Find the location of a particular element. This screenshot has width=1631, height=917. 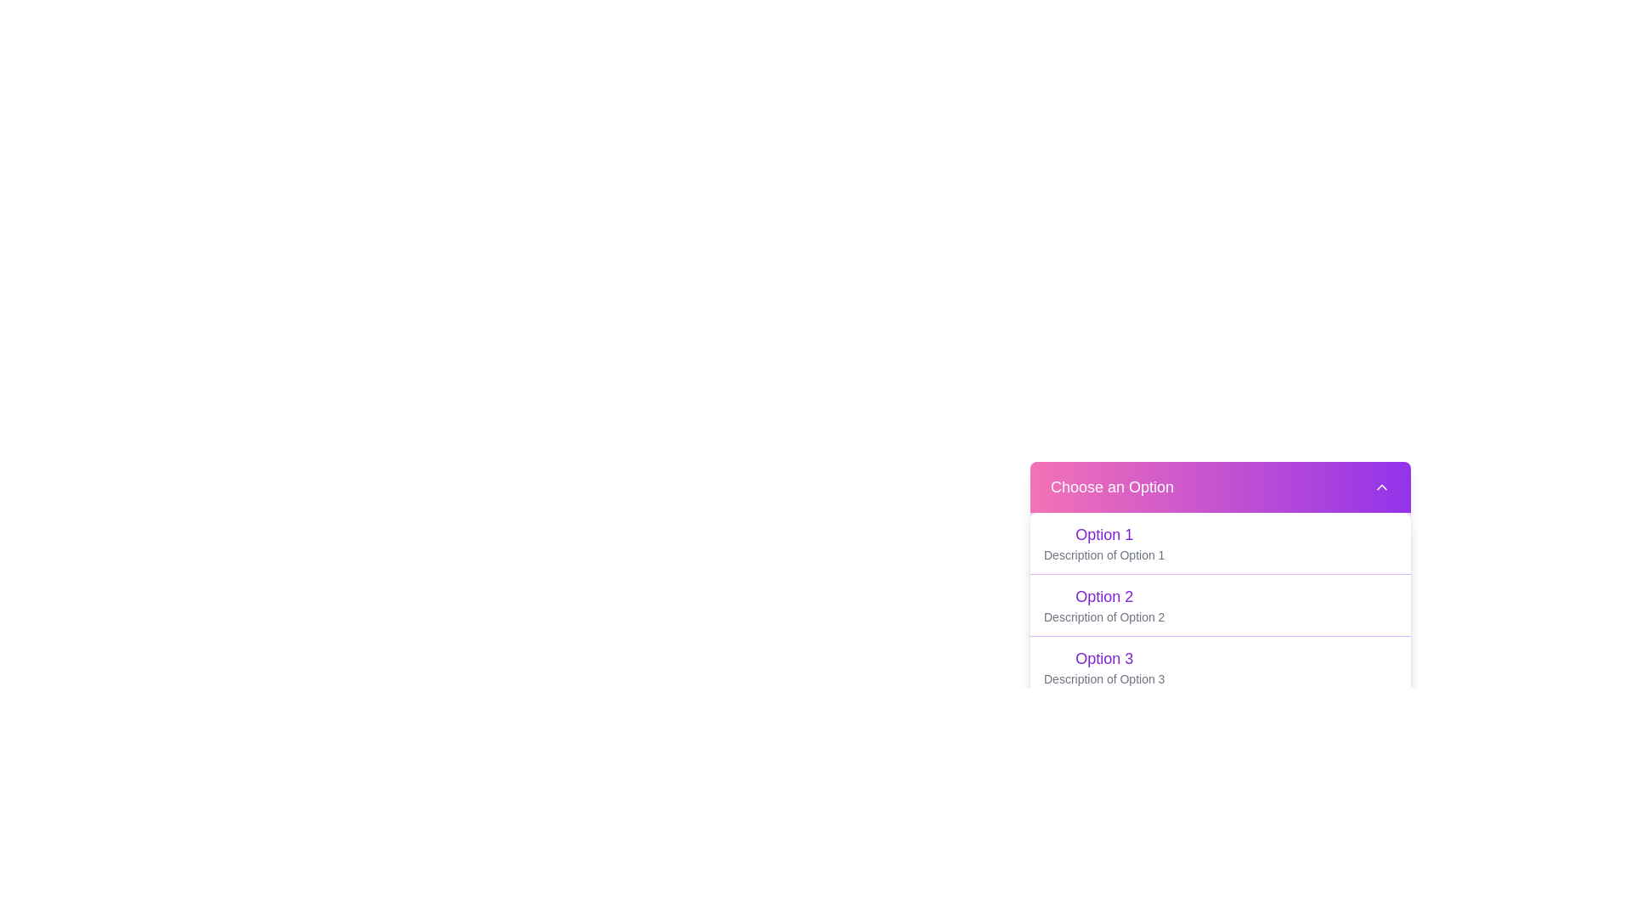

the descriptive label providing additional information about option 3, located below the text 'Option 3' in the dropdown menu is located at coordinates (1104, 678).